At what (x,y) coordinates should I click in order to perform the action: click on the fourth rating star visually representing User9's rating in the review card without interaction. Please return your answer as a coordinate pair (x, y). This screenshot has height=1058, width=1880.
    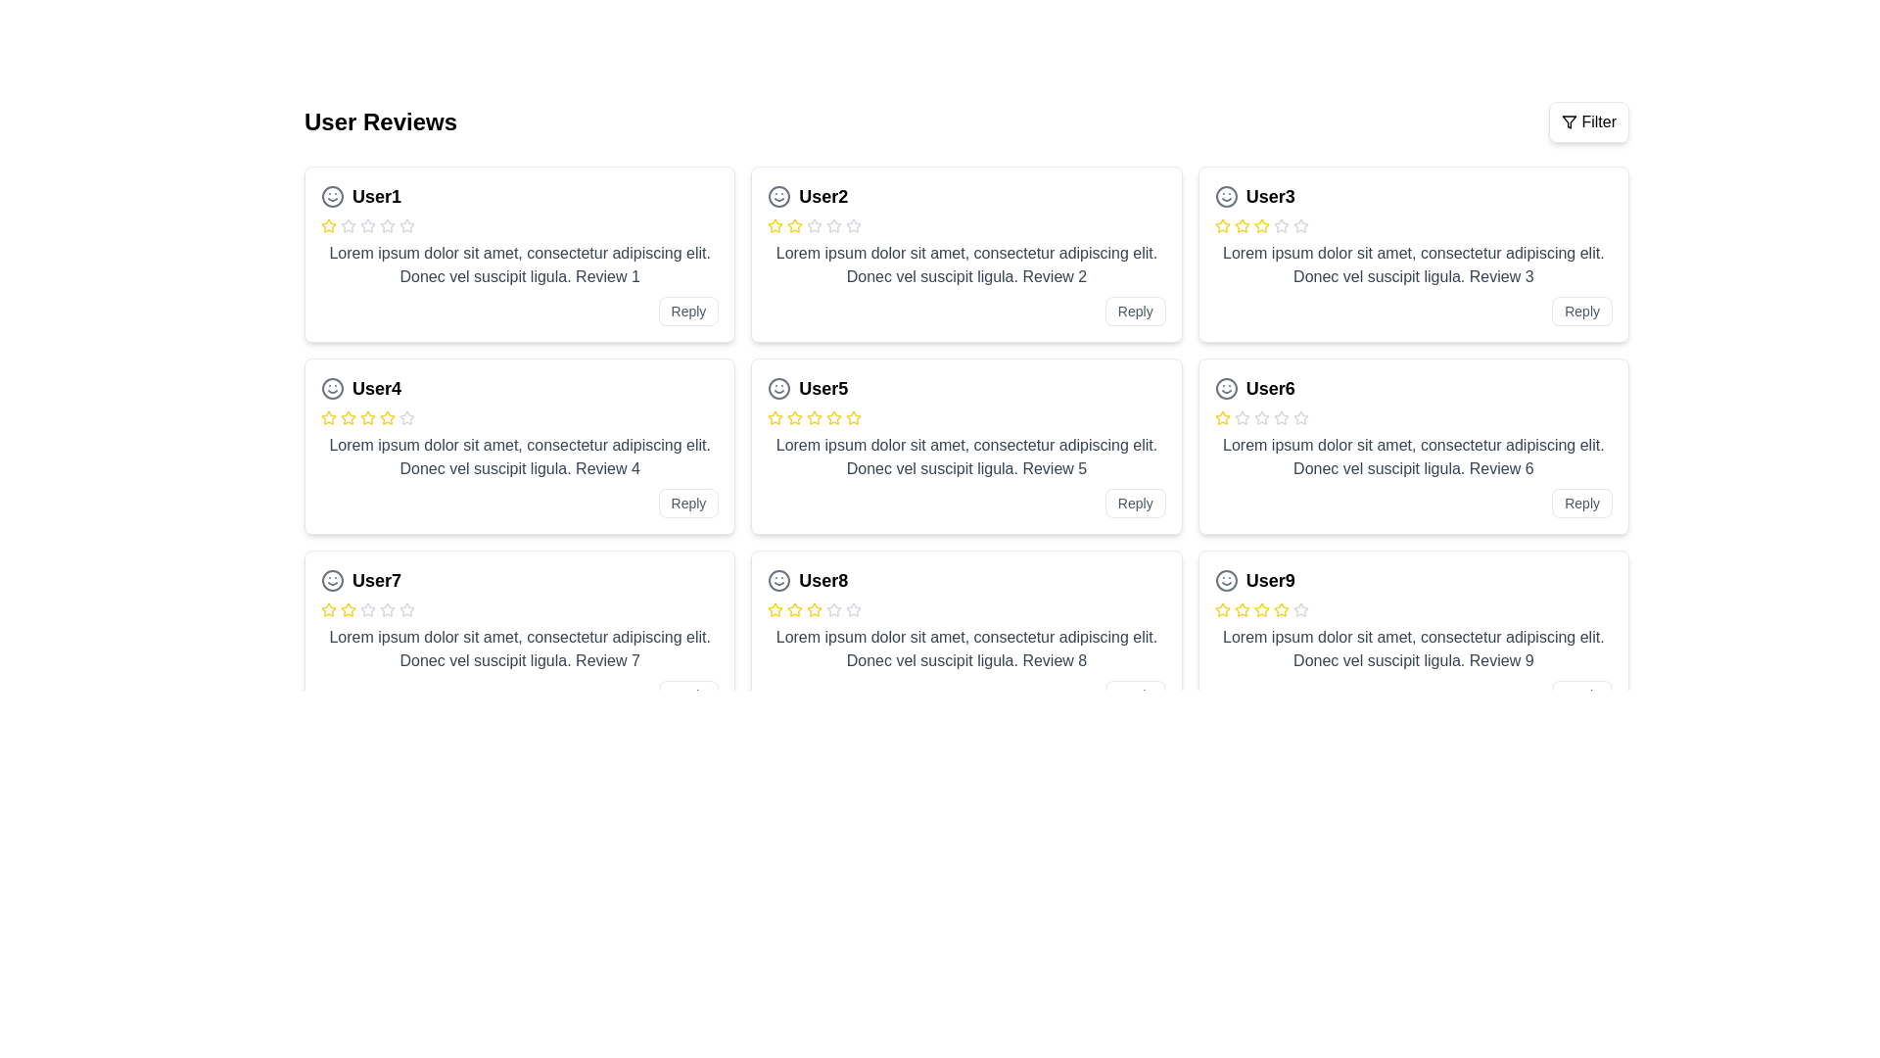
    Looking at the image, I should click on (1221, 608).